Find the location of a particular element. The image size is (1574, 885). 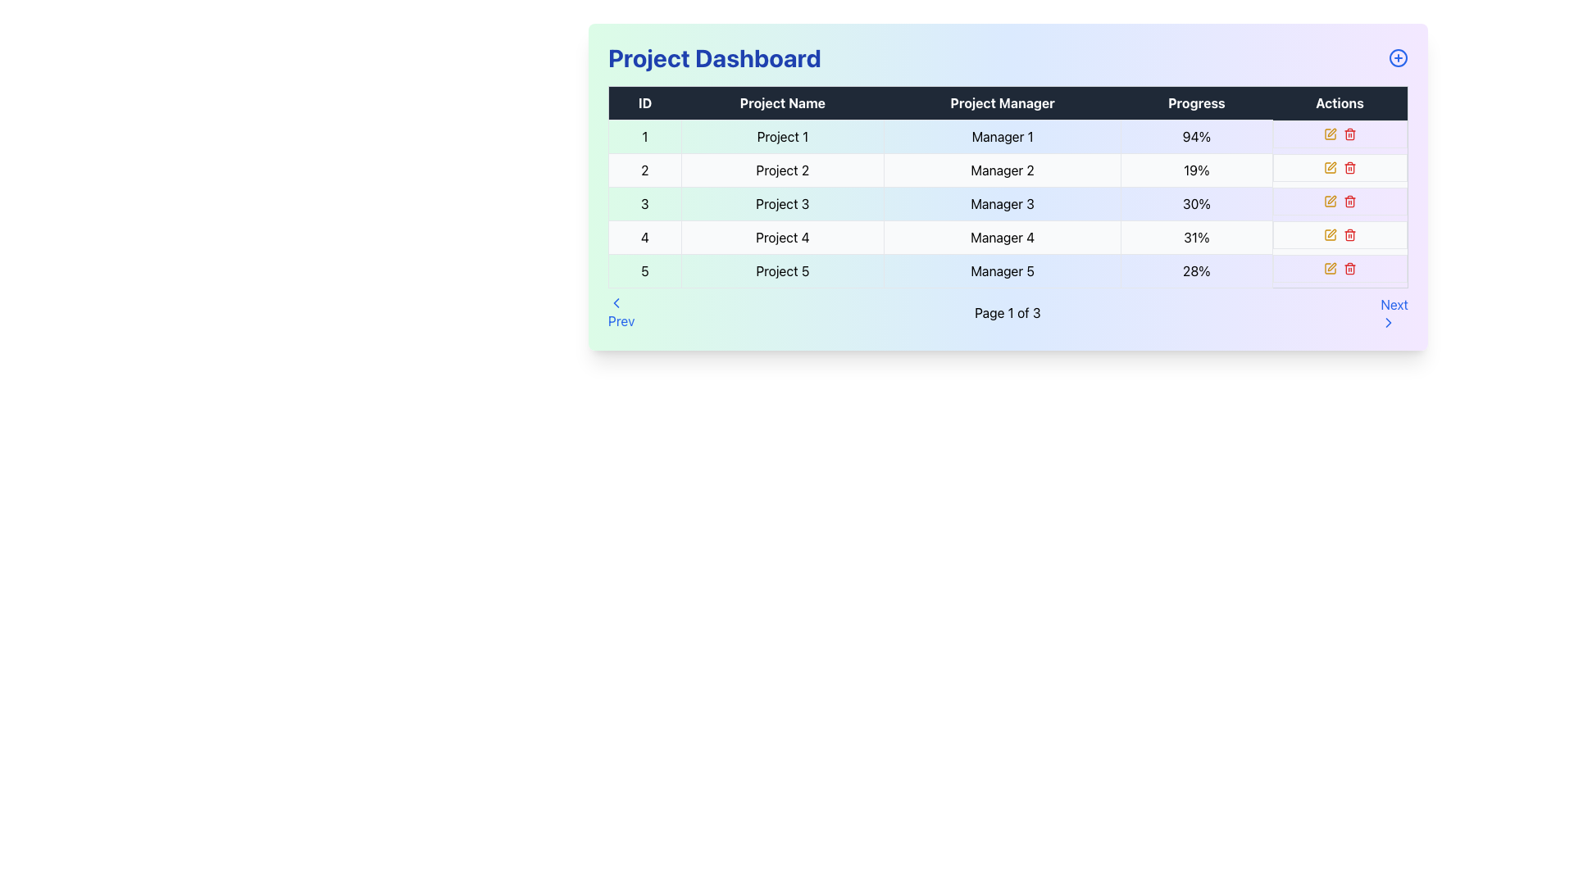

the Text Label displaying the number '2' located in the second row under the 'ID' column of the table layout is located at coordinates (644, 170).